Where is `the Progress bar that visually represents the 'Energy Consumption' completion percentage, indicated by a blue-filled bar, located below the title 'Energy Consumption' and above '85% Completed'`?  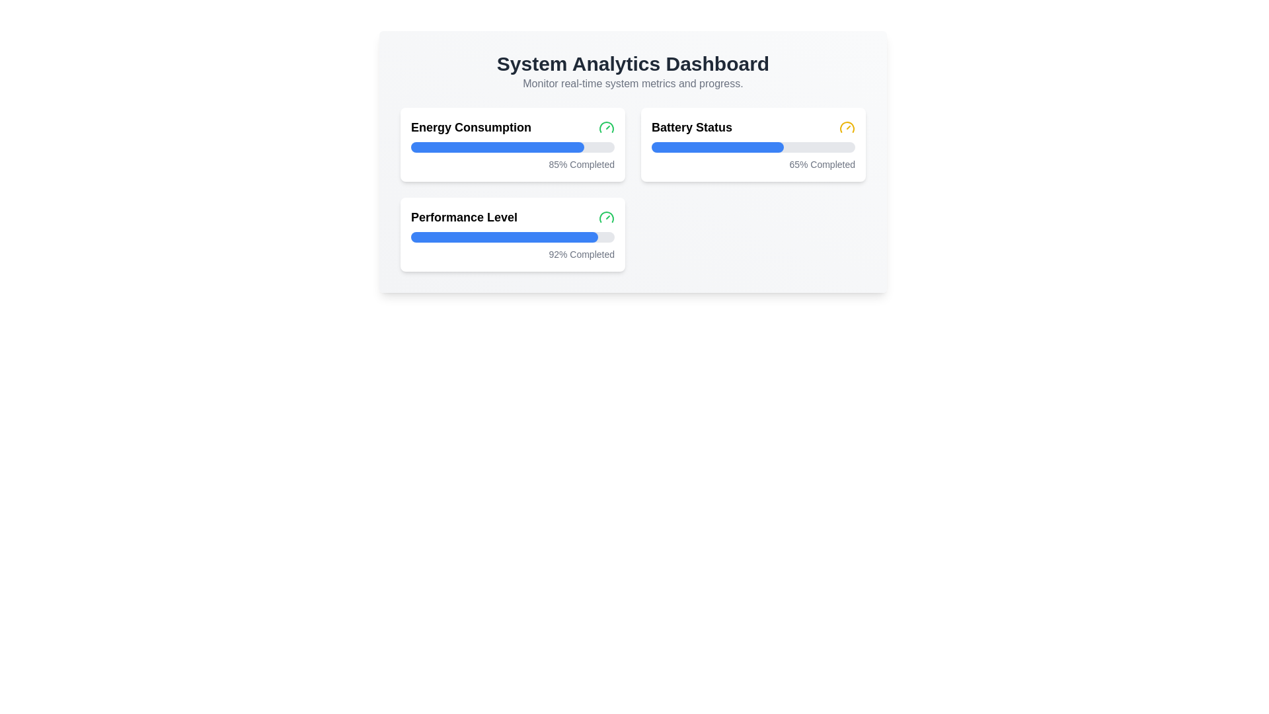 the Progress bar that visually represents the 'Energy Consumption' completion percentage, indicated by a blue-filled bar, located below the title 'Energy Consumption' and above '85% Completed' is located at coordinates (512, 147).